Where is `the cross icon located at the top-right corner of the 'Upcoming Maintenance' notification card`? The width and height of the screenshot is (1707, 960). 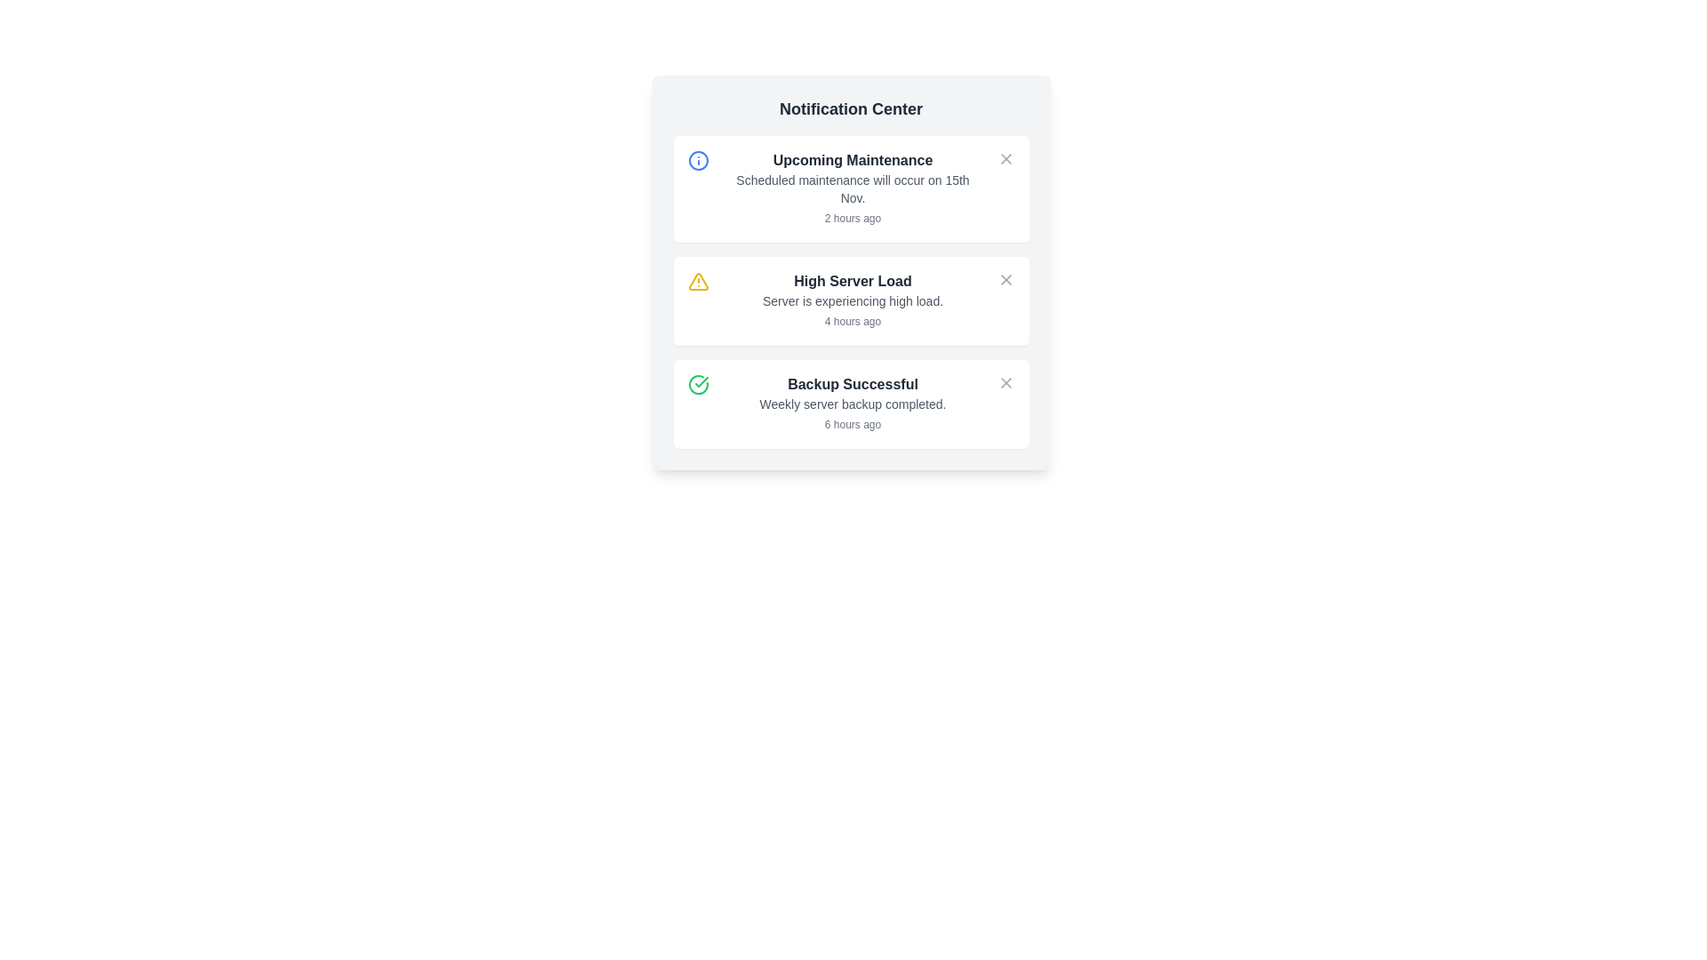 the cross icon located at the top-right corner of the 'Upcoming Maintenance' notification card is located at coordinates (1006, 157).